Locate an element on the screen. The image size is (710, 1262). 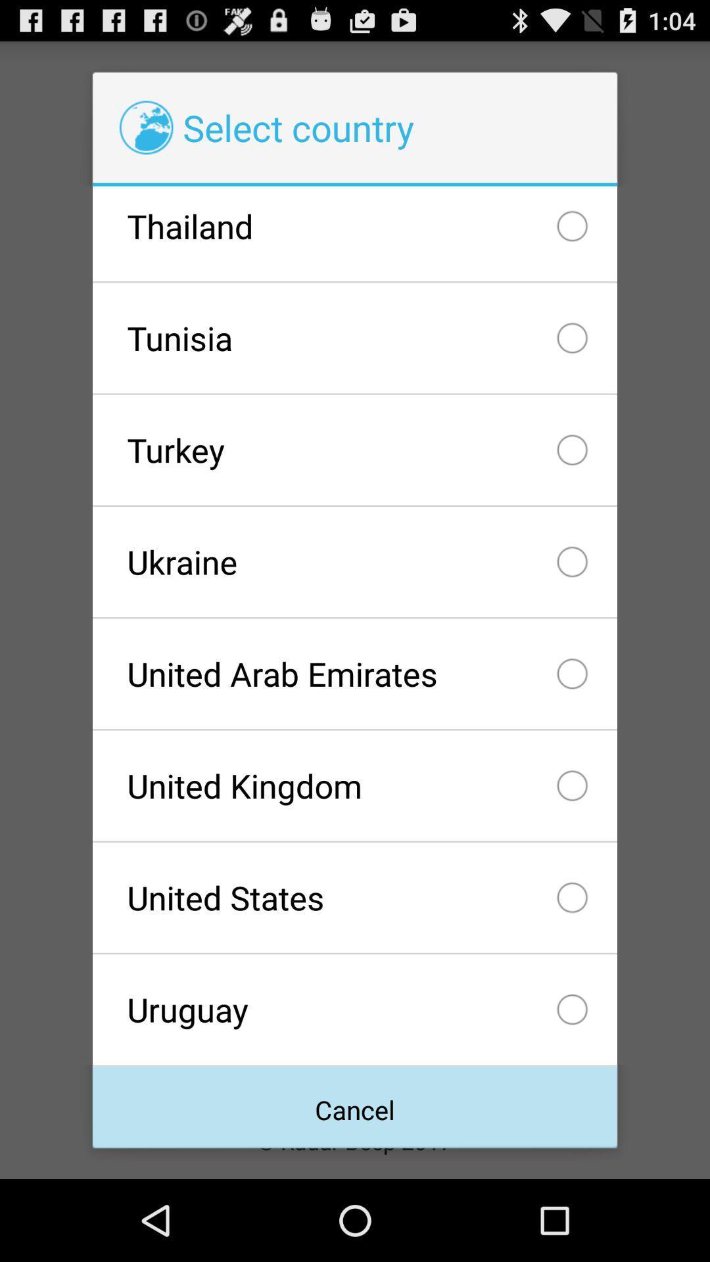
checkbox below the thailand item is located at coordinates (355, 338).